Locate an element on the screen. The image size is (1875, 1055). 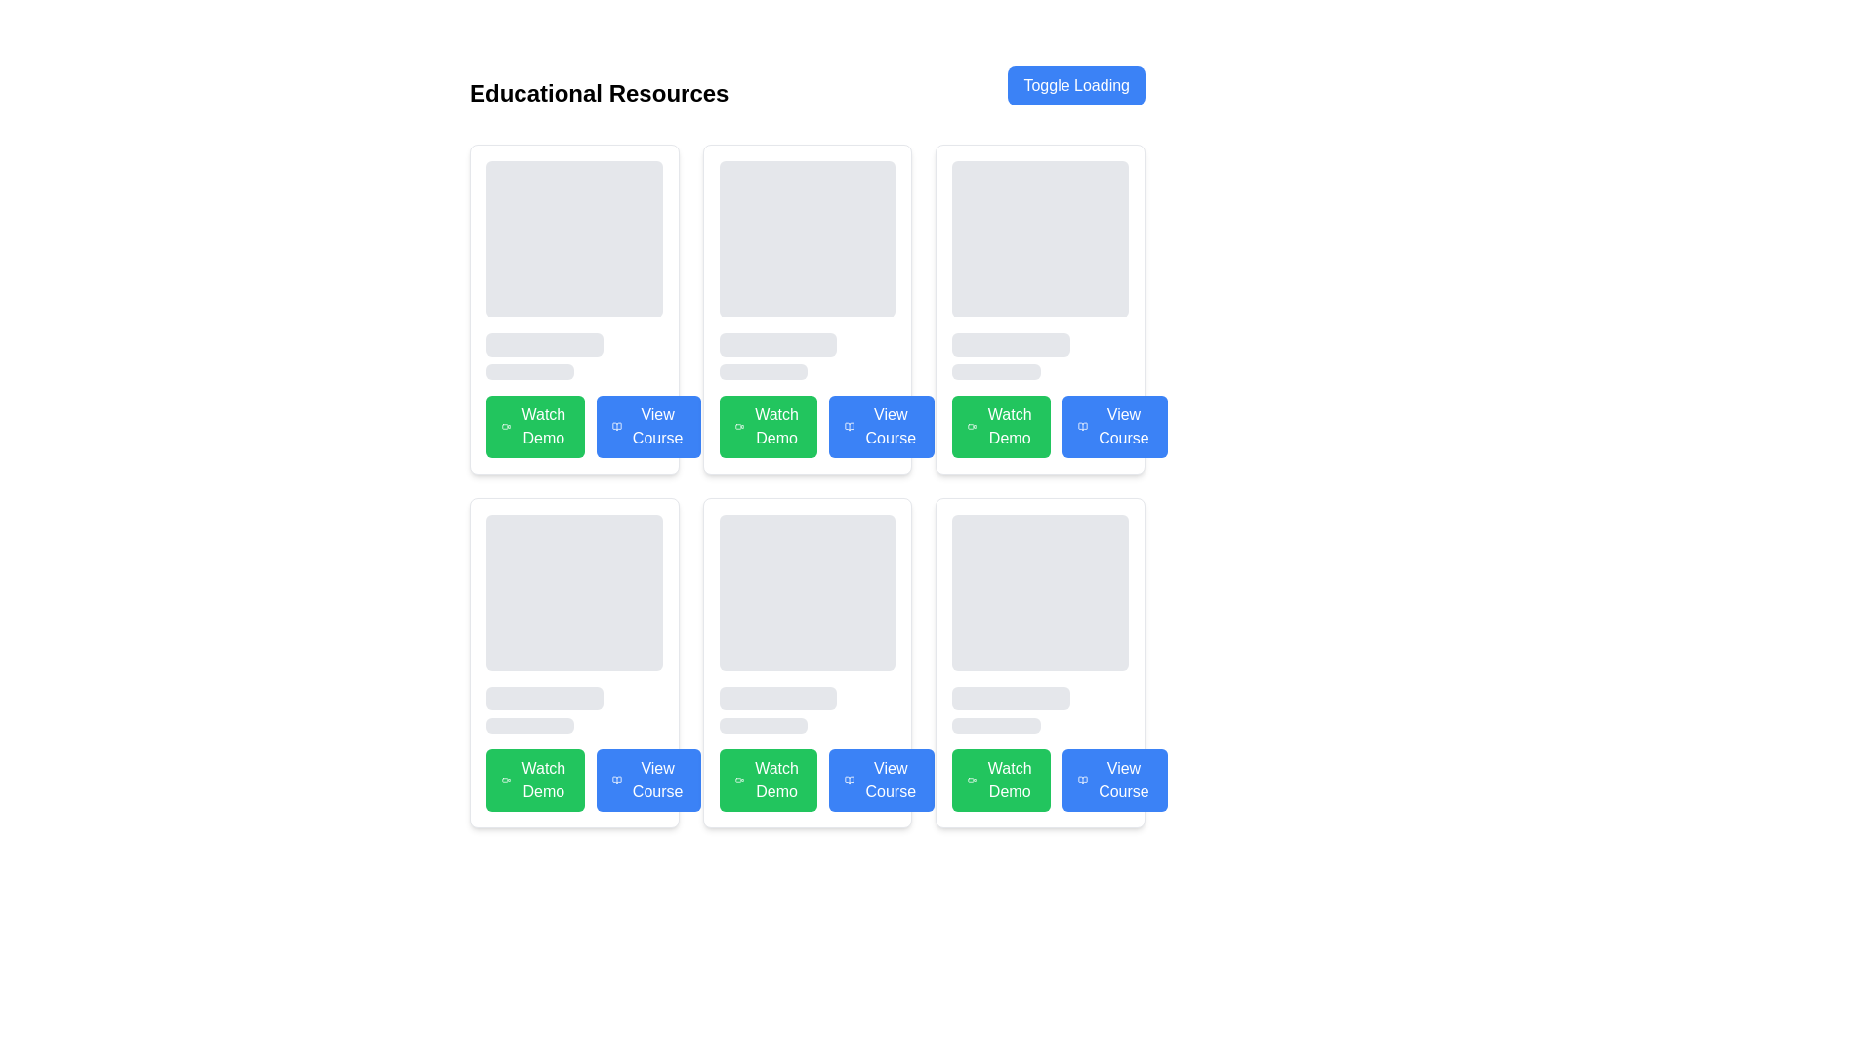
the demo video button located in the bottom-left corner of the top-left card, which is to the left of the 'View Course' button with a blue background is located at coordinates (535, 425).